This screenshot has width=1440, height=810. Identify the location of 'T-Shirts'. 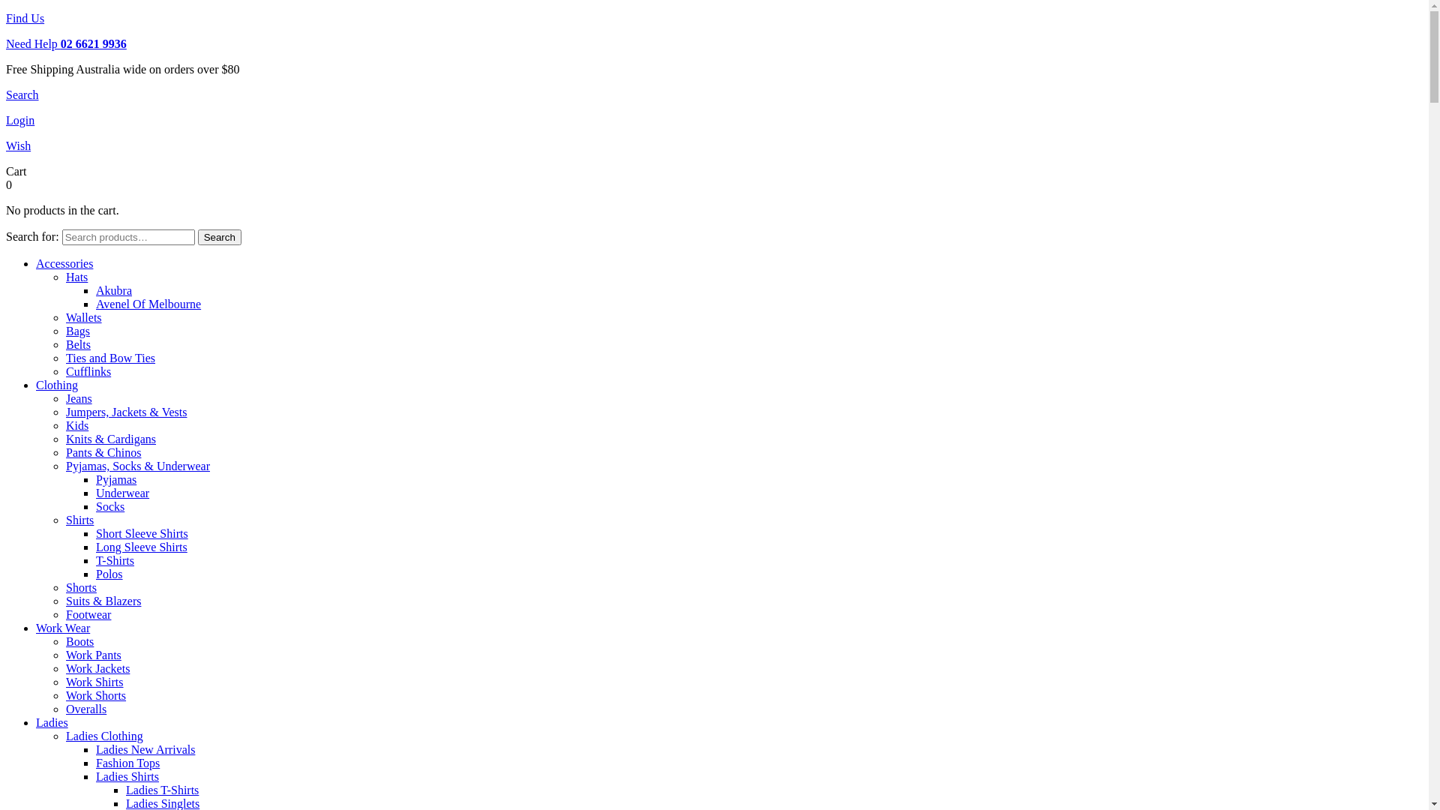
(95, 560).